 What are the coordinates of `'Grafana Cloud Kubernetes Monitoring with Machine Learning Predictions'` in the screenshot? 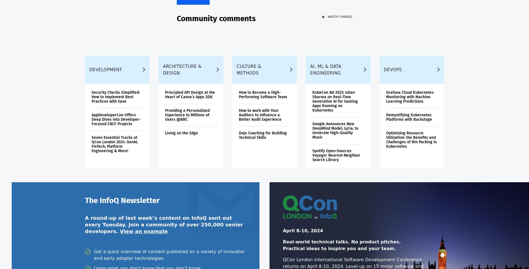 It's located at (386, 100).